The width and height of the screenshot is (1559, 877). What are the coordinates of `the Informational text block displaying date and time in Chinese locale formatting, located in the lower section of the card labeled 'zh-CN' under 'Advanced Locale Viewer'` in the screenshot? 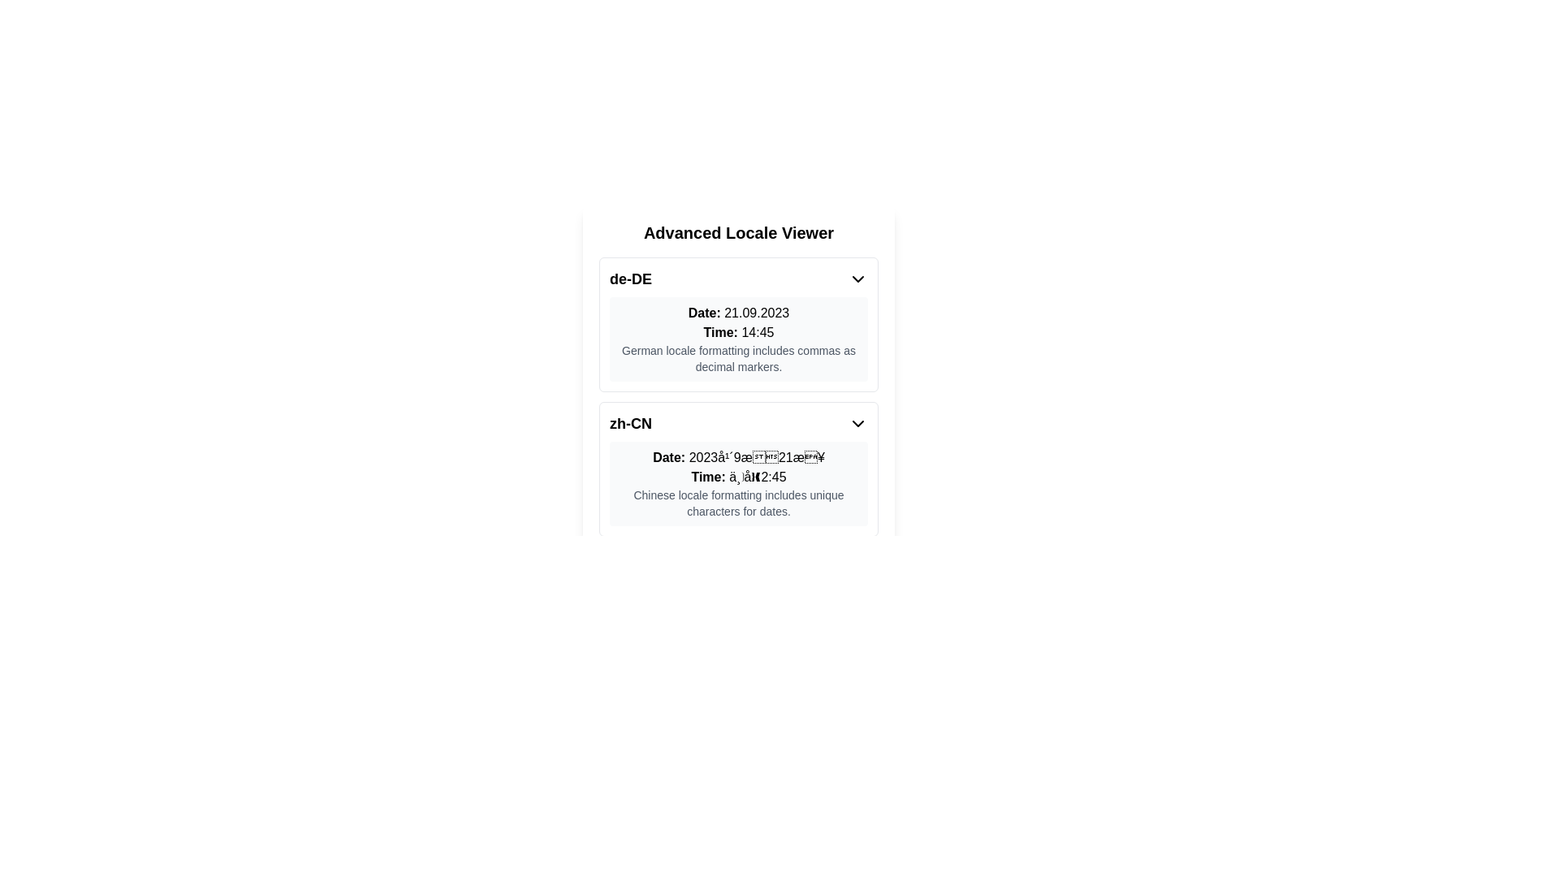 It's located at (738, 483).